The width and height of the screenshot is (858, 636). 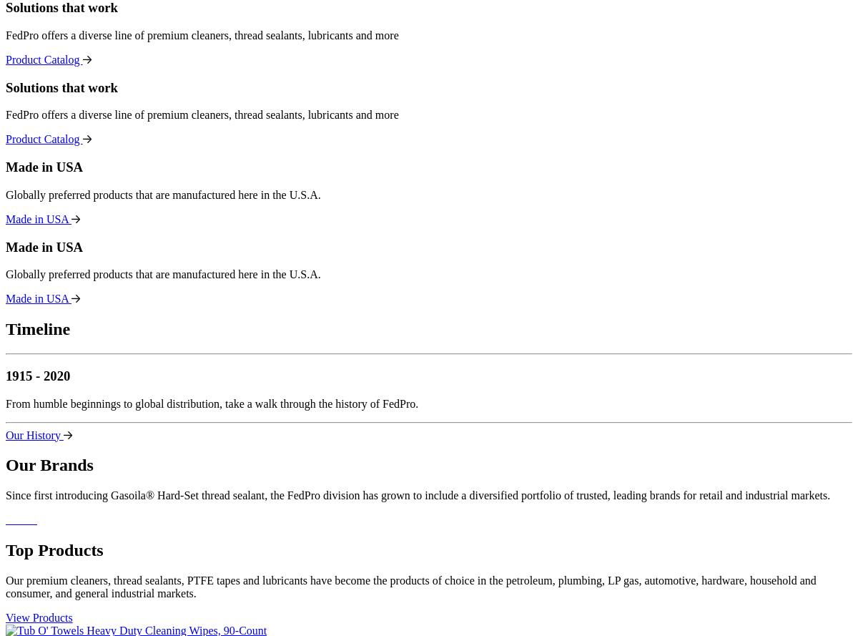 I want to click on 'Our premium cleaners, thread sealants, PTFE tapes and lubricants have become the products of choice in the petroleum, plumbing, LP gas, automotive, hardware, household and consumer, and general industrial markets.', so click(x=6, y=587).